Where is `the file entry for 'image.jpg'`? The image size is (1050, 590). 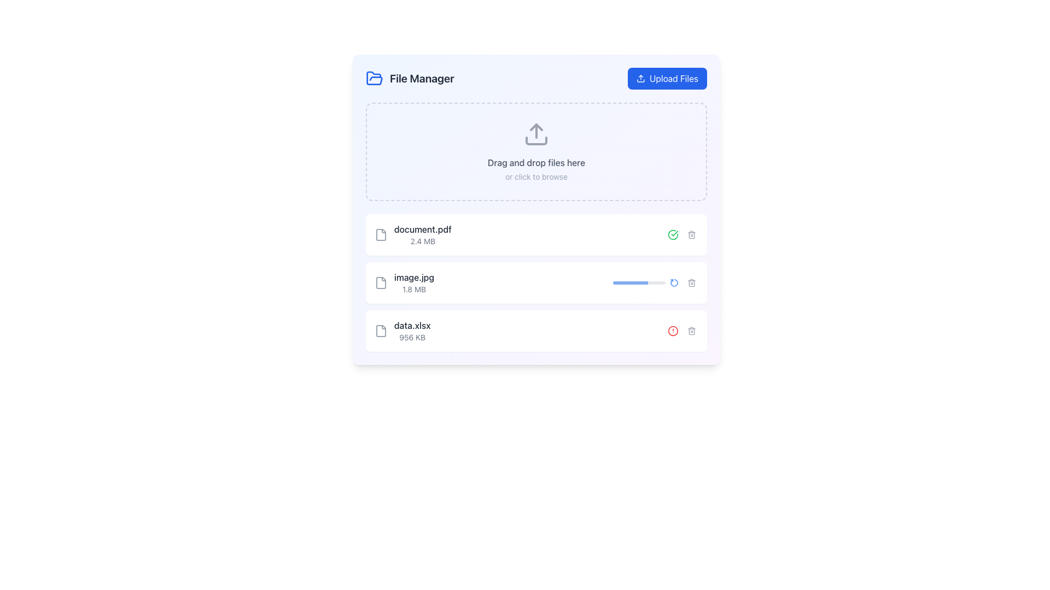 the file entry for 'image.jpg' is located at coordinates (404, 282).